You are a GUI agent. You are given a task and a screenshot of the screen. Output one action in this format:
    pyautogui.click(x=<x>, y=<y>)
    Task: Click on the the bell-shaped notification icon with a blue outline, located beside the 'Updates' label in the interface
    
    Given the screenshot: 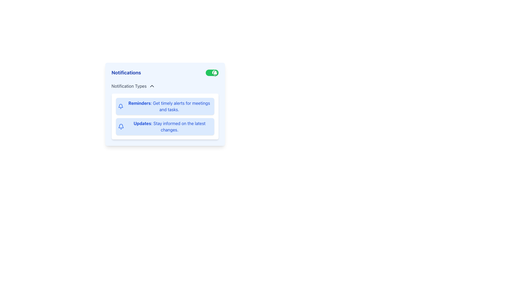 What is the action you would take?
    pyautogui.click(x=121, y=126)
    